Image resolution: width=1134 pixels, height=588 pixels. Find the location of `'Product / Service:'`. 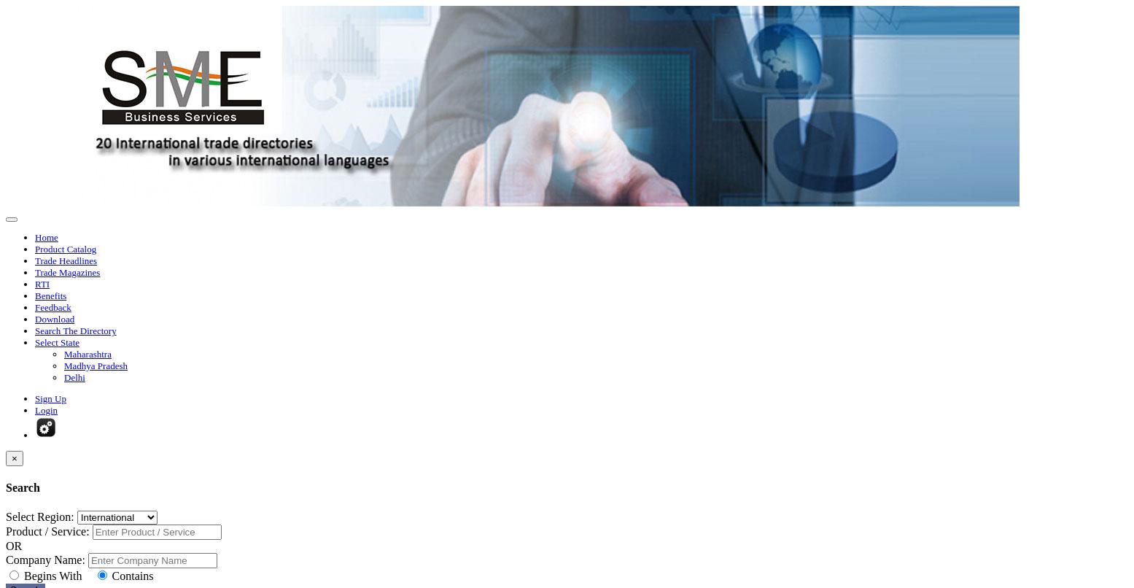

'Product / Service:' is located at coordinates (46, 530).